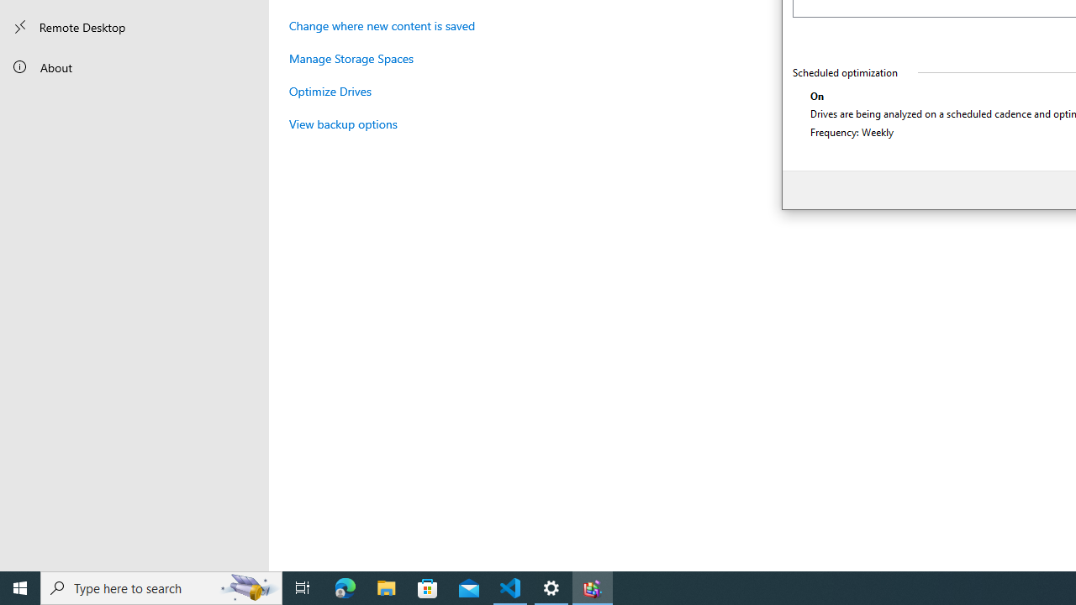  What do you see at coordinates (551, 587) in the screenshot?
I see `'Settings - 1 running window'` at bounding box center [551, 587].